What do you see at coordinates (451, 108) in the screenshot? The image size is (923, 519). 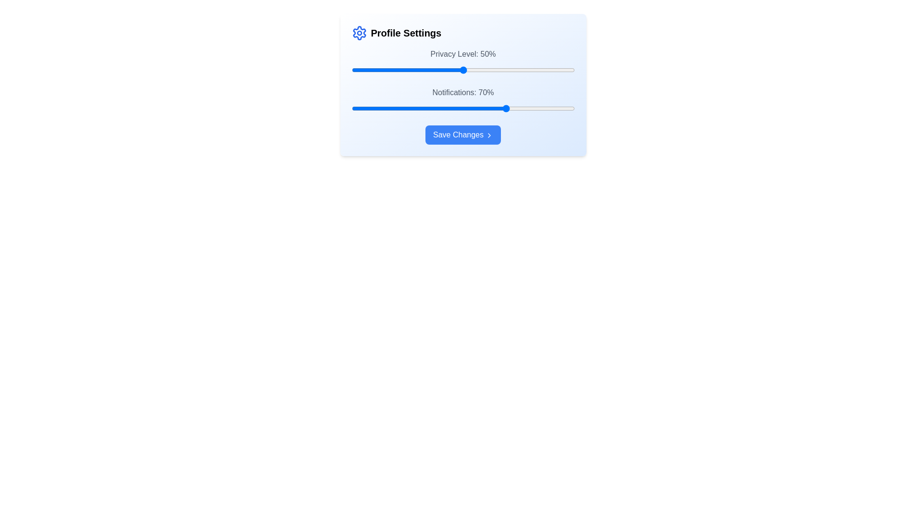 I see `the 'Notifications' slider to 45% by adjusting its position` at bounding box center [451, 108].